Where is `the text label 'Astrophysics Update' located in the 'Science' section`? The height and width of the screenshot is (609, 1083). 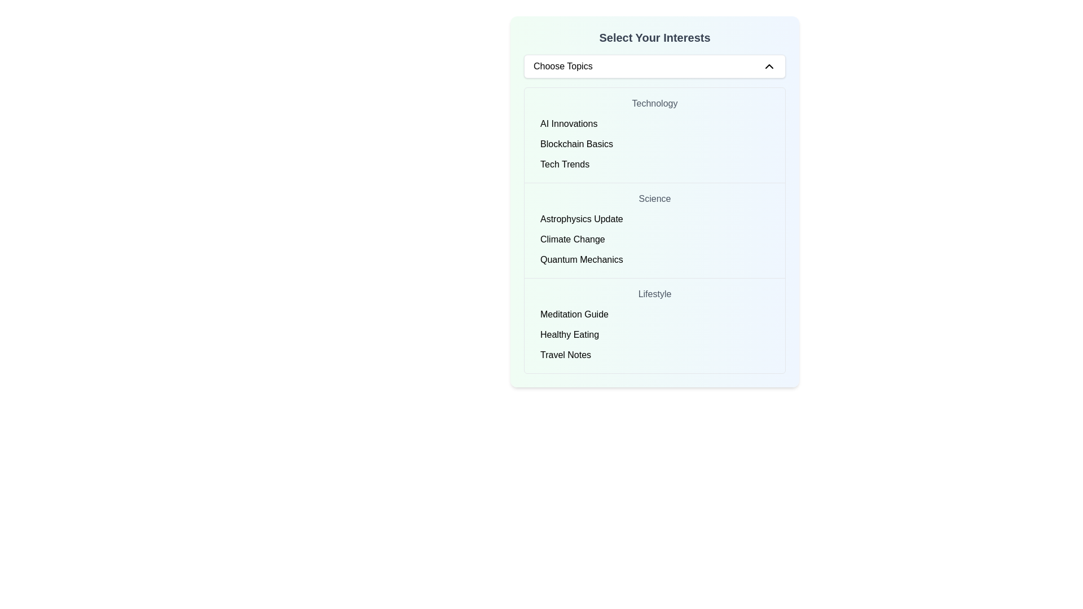
the text label 'Astrophysics Update' located in the 'Science' section is located at coordinates (582, 219).